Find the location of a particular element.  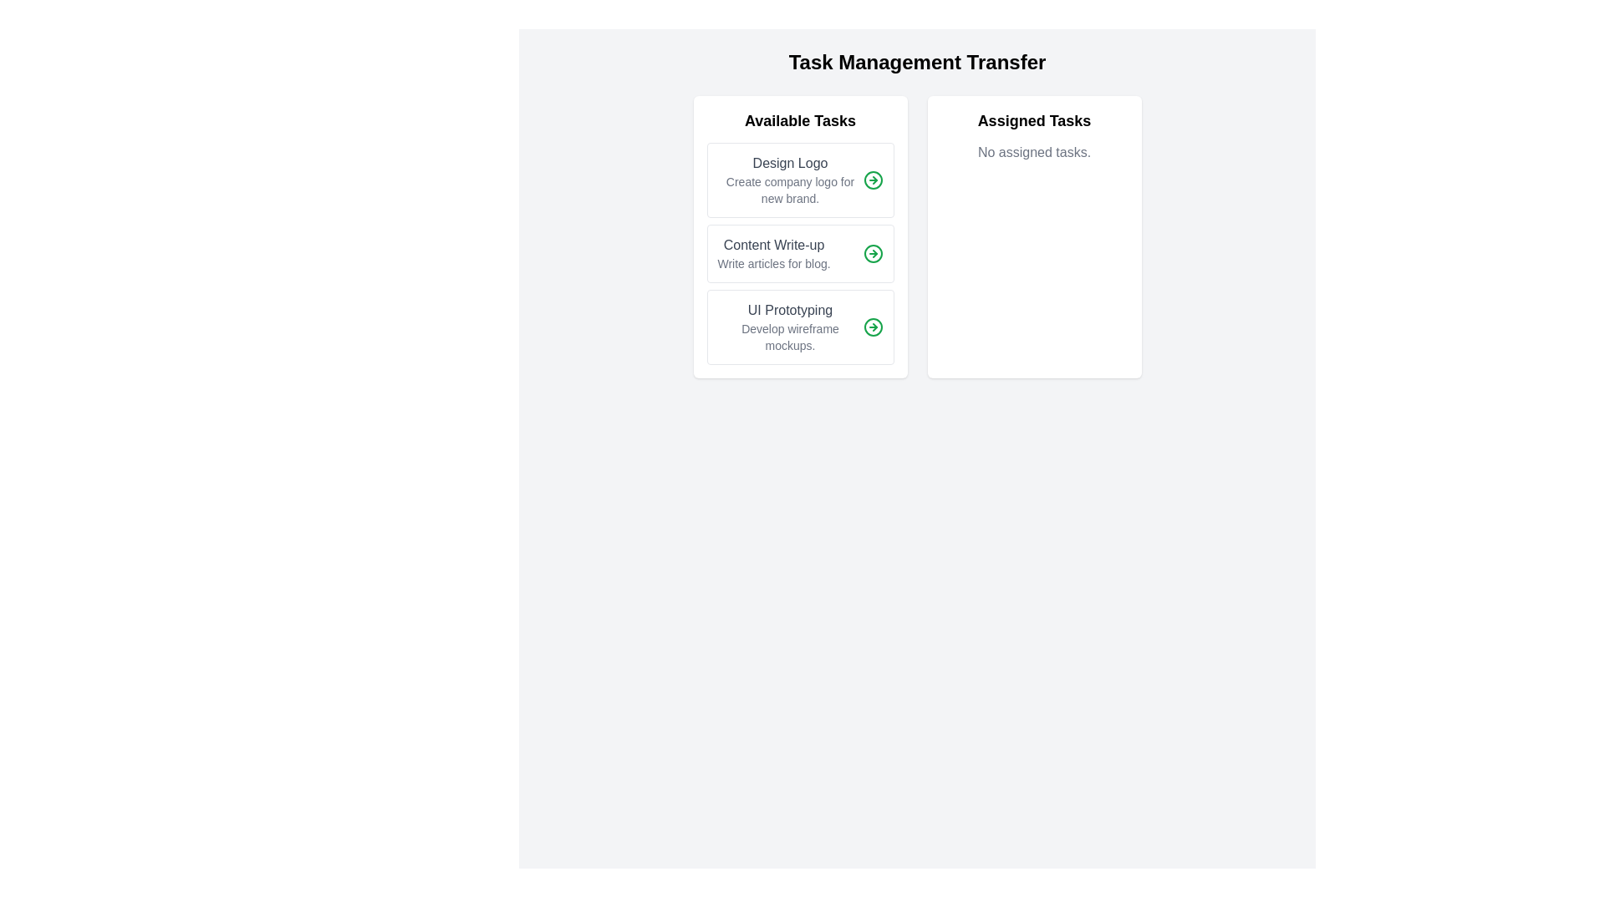

the 'Design Logo' text header, which is styled with a medium-weight font and dark gray color, located in the top section of the first task card in the 'Available Tasks' panel is located at coordinates (789, 164).